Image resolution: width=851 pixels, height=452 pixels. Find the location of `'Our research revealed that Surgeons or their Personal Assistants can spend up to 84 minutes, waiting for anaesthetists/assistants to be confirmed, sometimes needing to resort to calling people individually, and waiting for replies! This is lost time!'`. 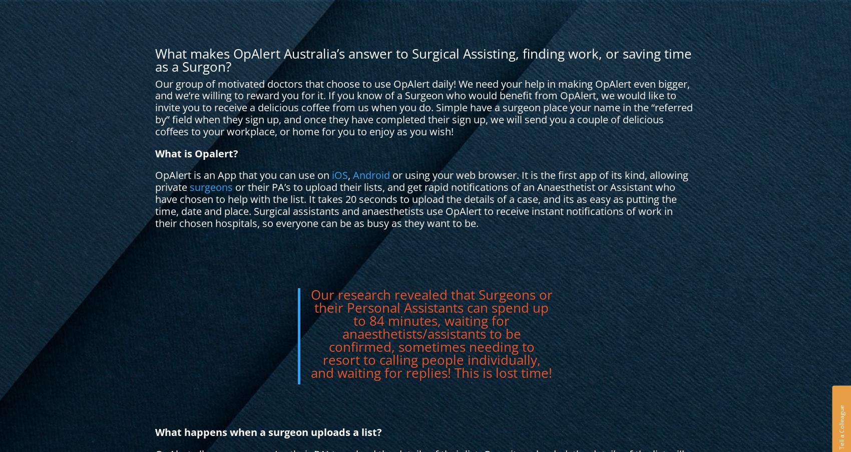

'Our research revealed that Surgeons or their Personal Assistants can spend up to 84 minutes, waiting for anaesthetists/assistants to be confirmed, sometimes needing to resort to calling people individually, and waiting for replies! This is lost time!' is located at coordinates (431, 333).